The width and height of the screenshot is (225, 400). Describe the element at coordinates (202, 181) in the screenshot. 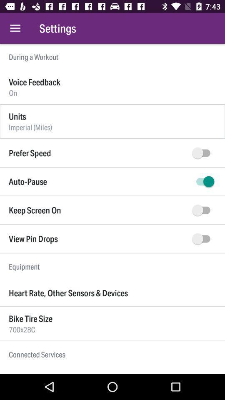

I see `auto-pause option` at that location.